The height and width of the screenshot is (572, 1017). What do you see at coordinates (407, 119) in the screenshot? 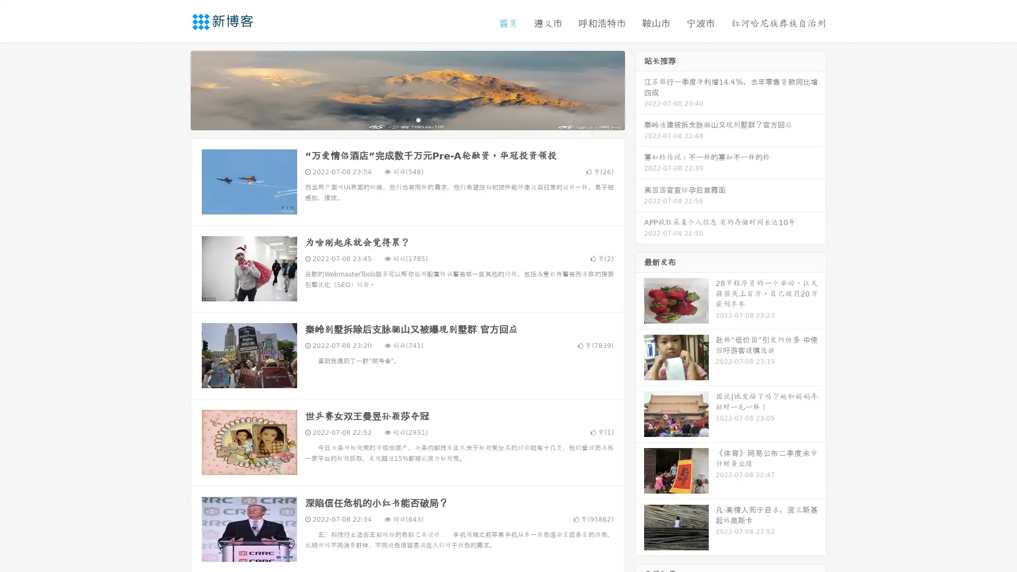
I see `Go to slide 2` at bounding box center [407, 119].